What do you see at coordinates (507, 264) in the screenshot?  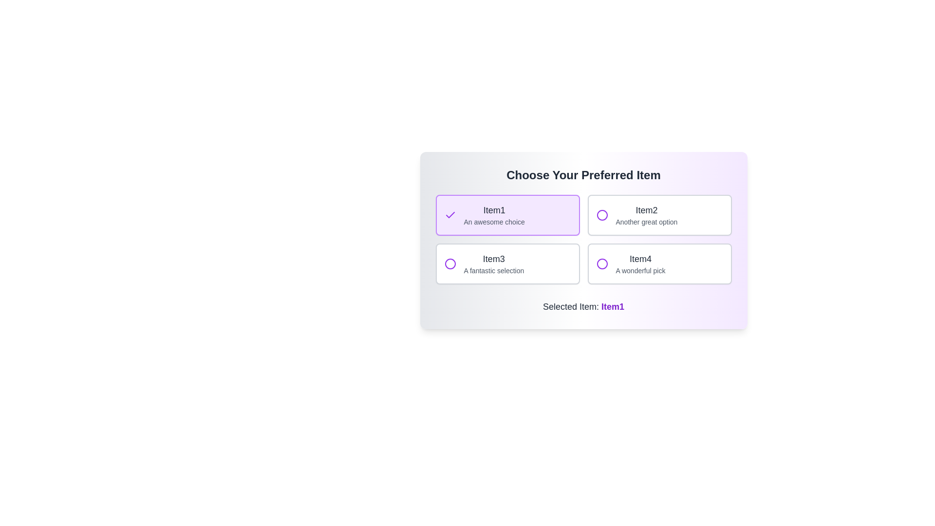 I see `the radio button located in the second column of the second row` at bounding box center [507, 264].